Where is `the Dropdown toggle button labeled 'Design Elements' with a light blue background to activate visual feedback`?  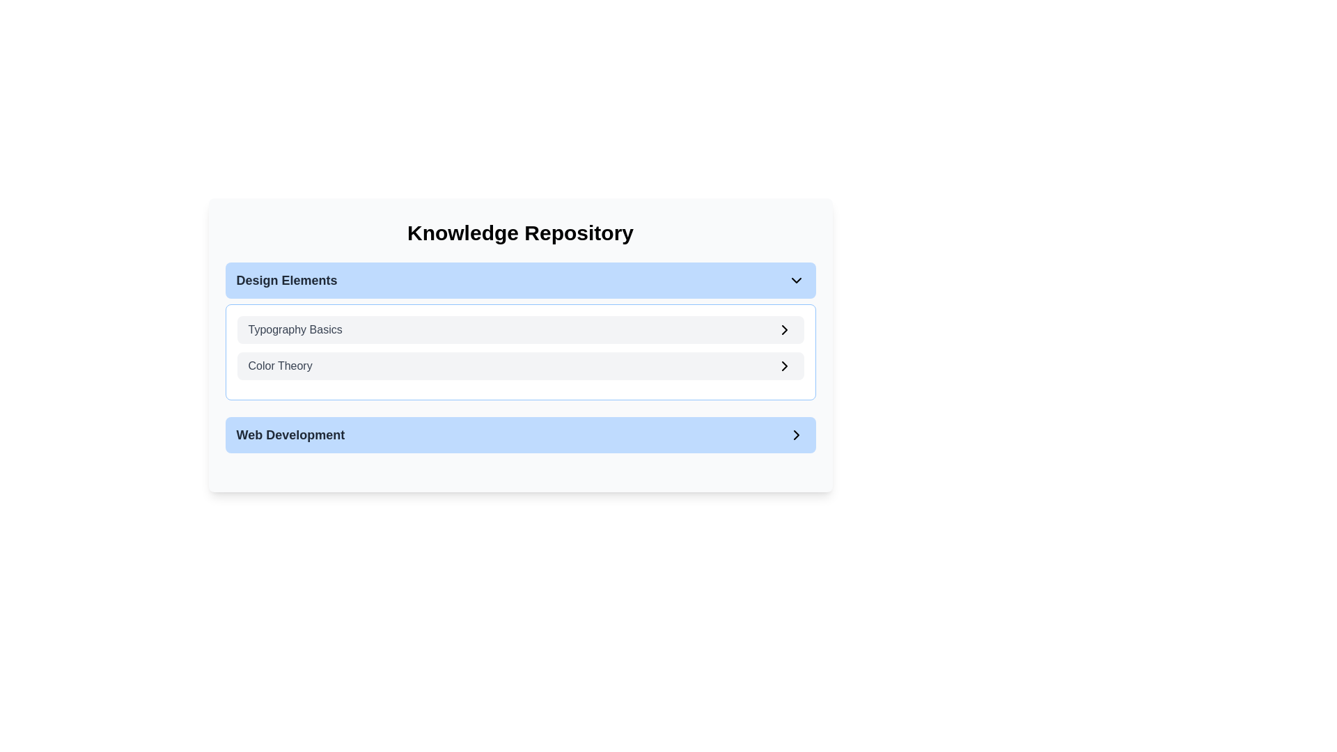 the Dropdown toggle button labeled 'Design Elements' with a light blue background to activate visual feedback is located at coordinates (519, 280).